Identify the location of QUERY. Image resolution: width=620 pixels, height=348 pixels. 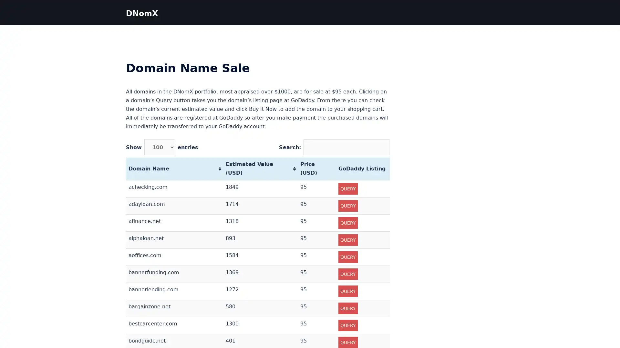
(347, 206).